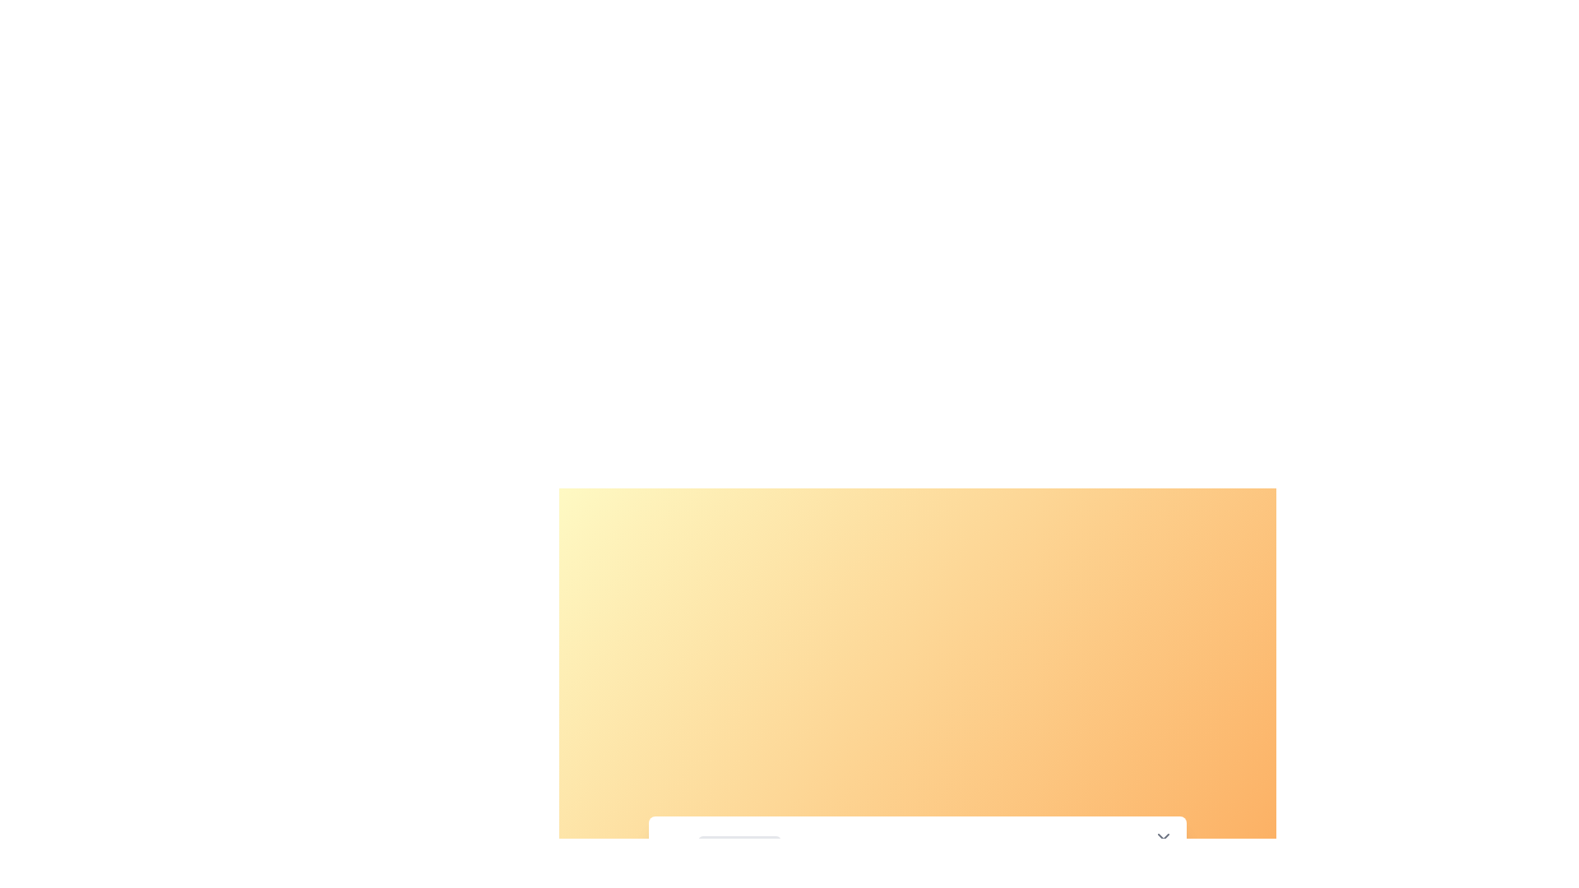  I want to click on the close button to close the dialog, so click(1163, 839).